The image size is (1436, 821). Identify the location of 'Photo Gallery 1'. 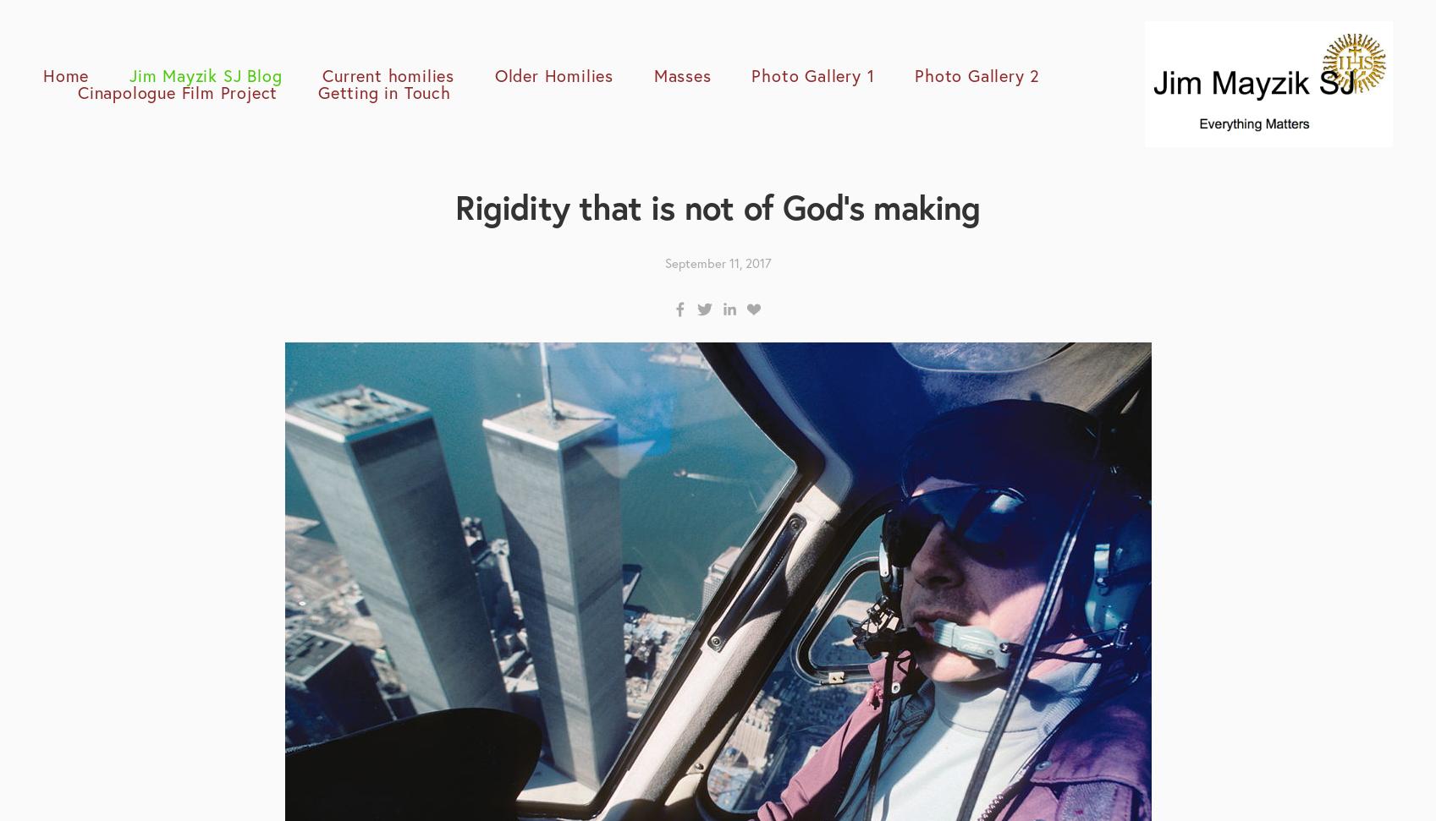
(751, 74).